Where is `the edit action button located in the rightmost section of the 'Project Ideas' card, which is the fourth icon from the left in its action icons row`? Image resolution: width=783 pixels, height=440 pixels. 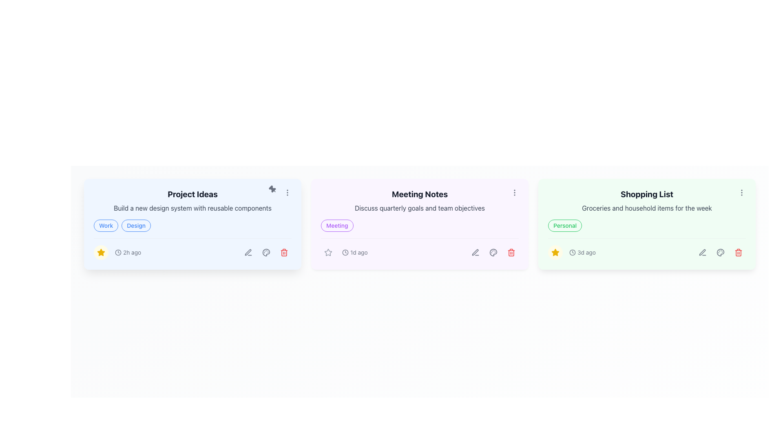
the edit action button located in the rightmost section of the 'Project Ideas' card, which is the fourth icon from the left in its action icons row is located at coordinates (248, 252).